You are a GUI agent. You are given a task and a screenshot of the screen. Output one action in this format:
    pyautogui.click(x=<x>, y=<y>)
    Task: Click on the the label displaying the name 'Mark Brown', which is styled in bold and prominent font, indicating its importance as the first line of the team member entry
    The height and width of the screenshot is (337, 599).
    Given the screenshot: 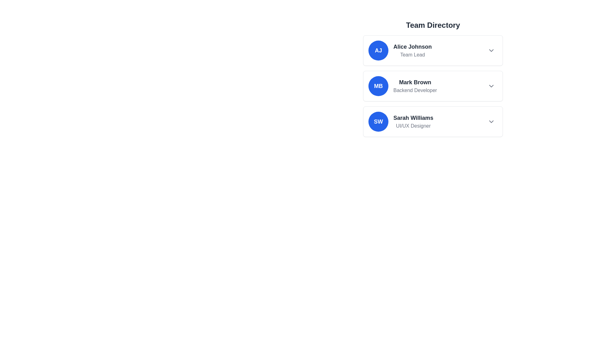 What is the action you would take?
    pyautogui.click(x=415, y=82)
    